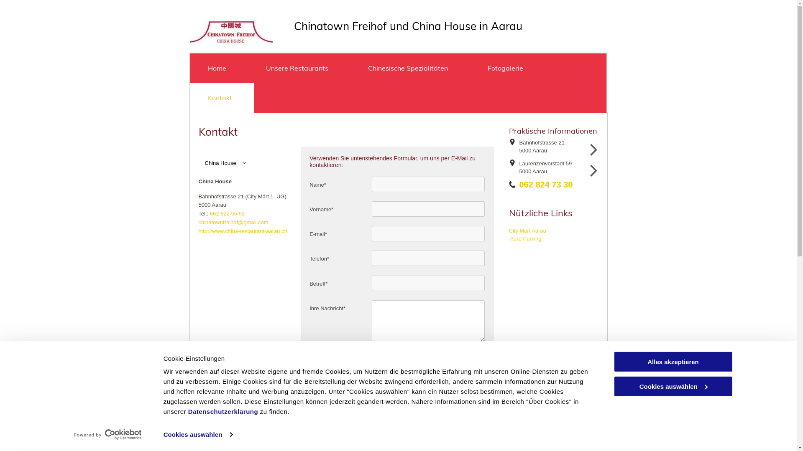 The image size is (803, 451). Describe the element at coordinates (525, 238) in the screenshot. I see `'Aare Parking'` at that location.